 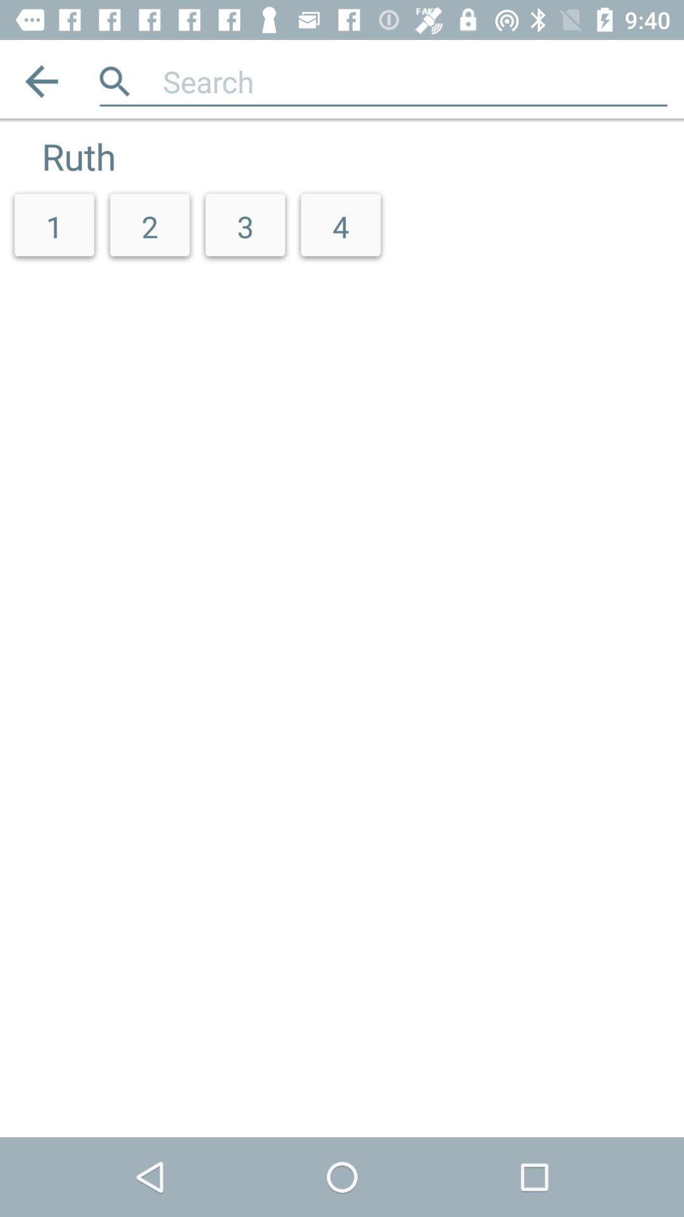 I want to click on app above the 2 icon, so click(x=415, y=80).